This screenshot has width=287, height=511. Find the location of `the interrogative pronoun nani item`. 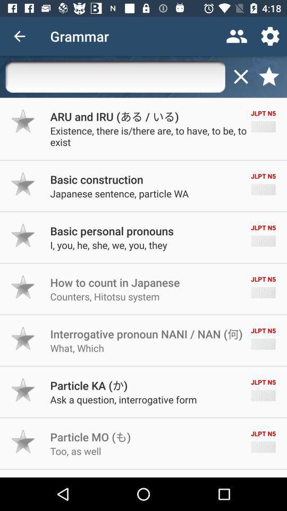

the interrogative pronoun nani item is located at coordinates (146, 333).